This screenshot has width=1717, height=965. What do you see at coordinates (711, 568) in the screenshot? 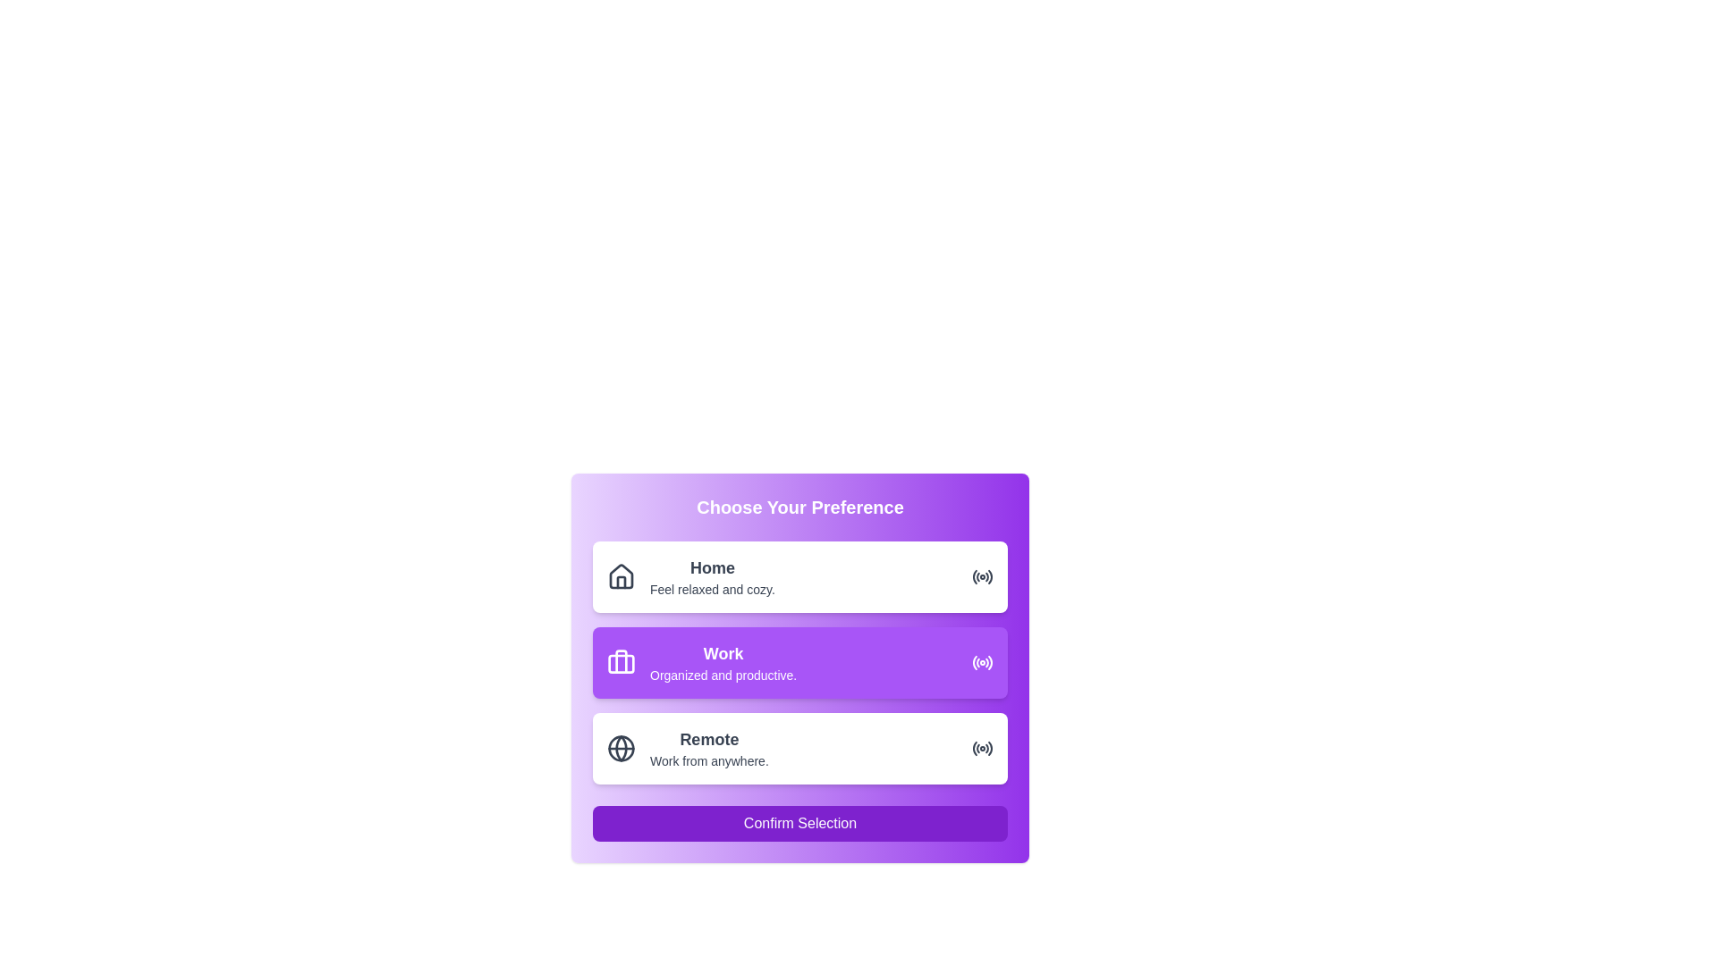
I see `the 'Home' static text label which is displayed in bold and slightly larger font at the top of the category card labeled 'Home Feel relaxed and cozy.'` at bounding box center [711, 568].